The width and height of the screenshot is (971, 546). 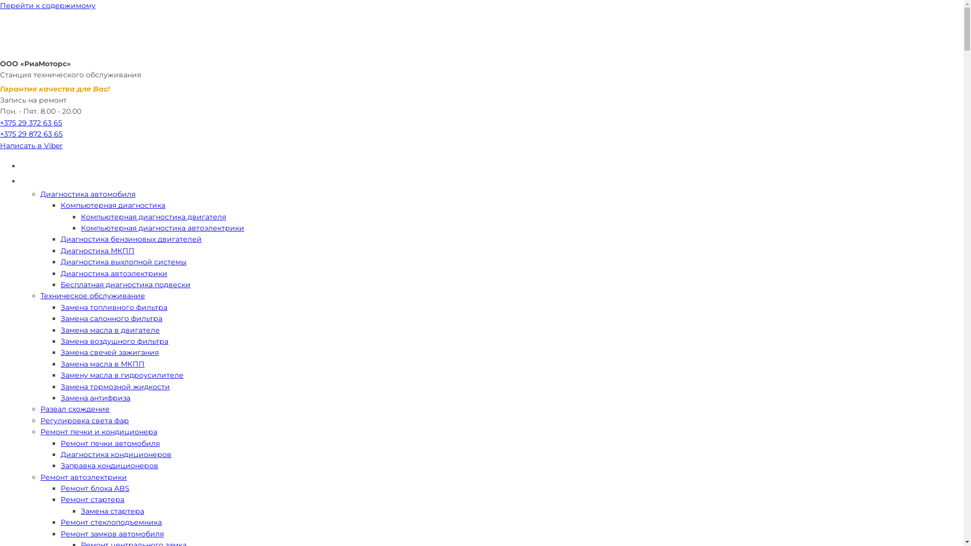 I want to click on '+375 29 372 63 65', so click(x=31, y=122).